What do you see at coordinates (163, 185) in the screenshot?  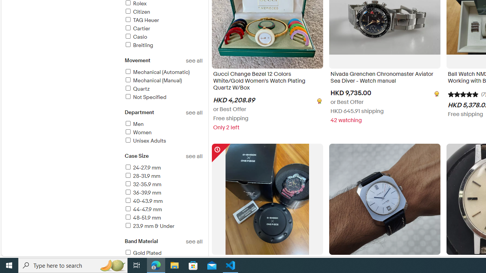 I see `'32-35.9 mm'` at bounding box center [163, 185].